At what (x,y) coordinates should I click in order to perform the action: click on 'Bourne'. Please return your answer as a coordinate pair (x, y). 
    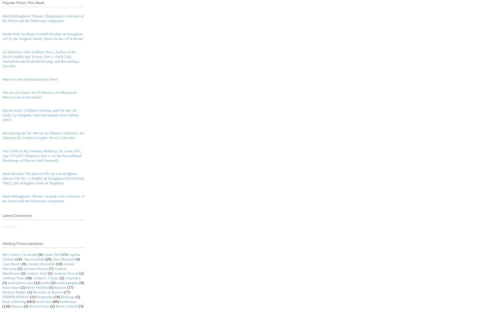
    Looking at the image, I should click on (17, 305).